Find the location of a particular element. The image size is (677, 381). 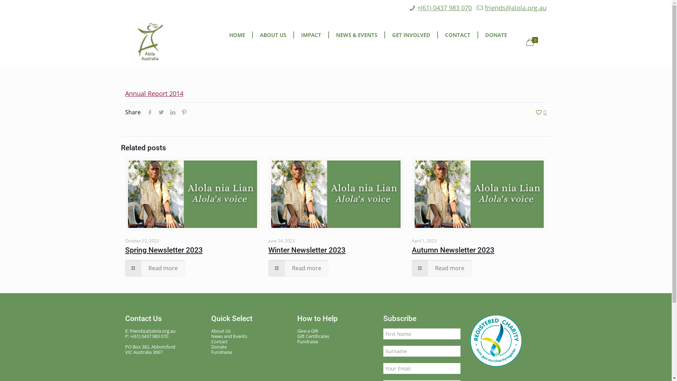

'Annual Report 2014' is located at coordinates (154, 93).